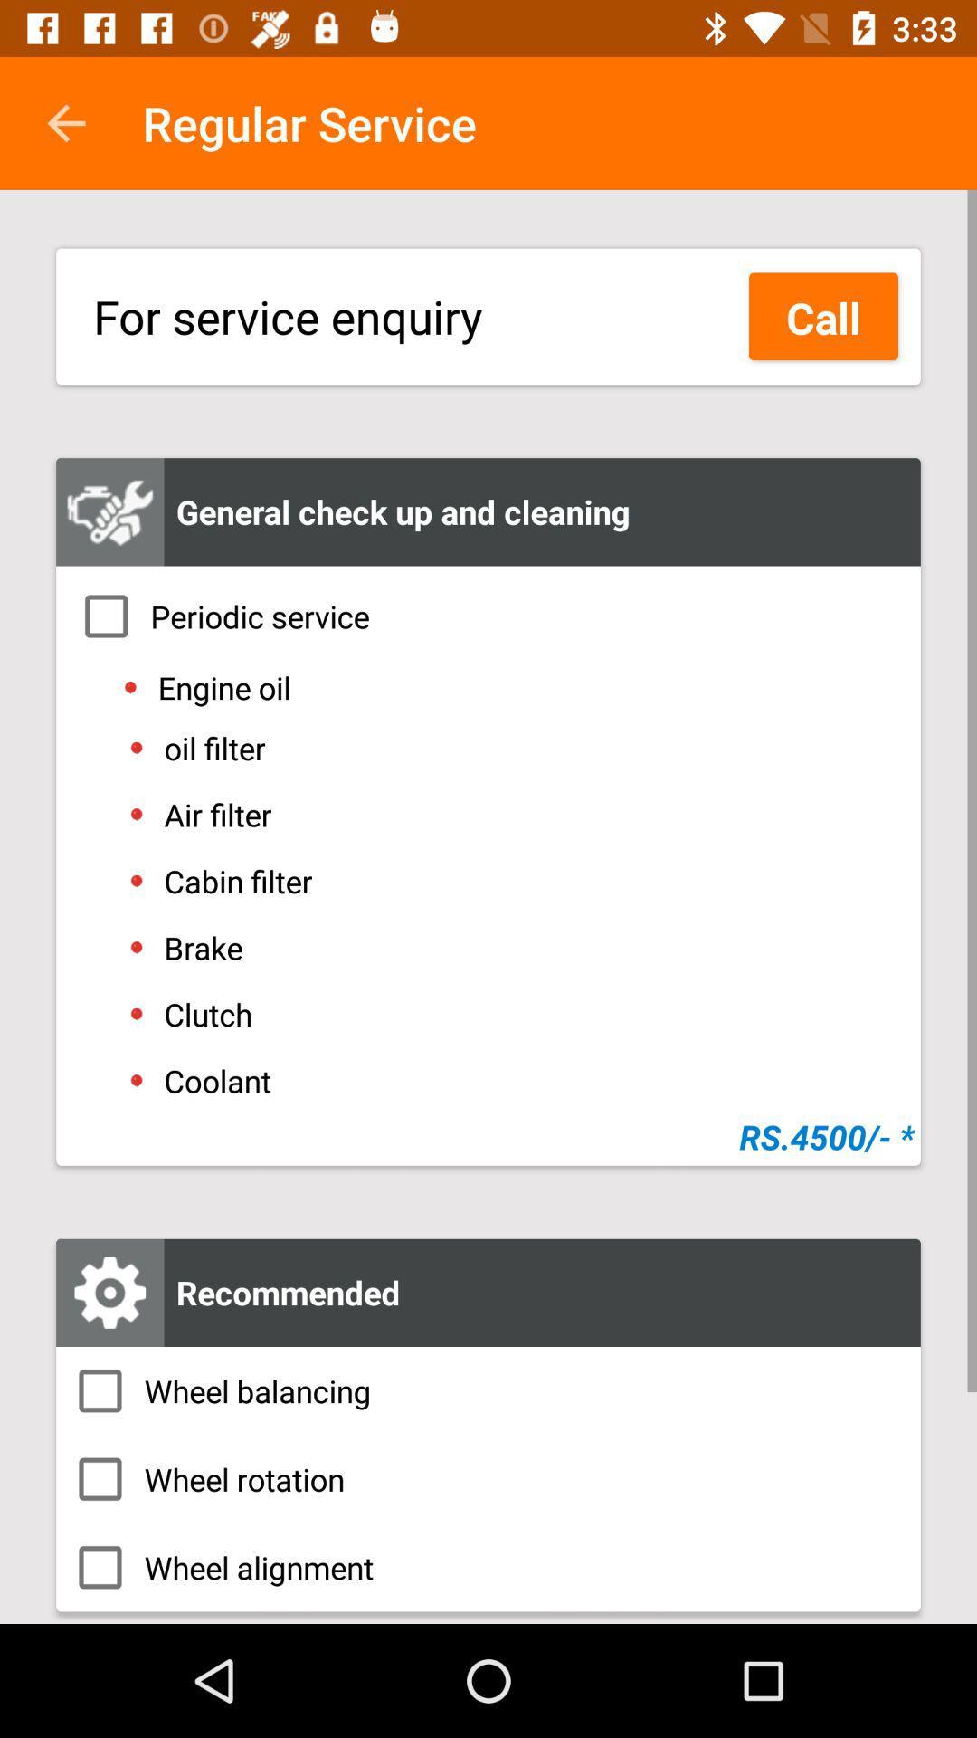 The image size is (977, 1738). I want to click on the item to the left of regular service icon, so click(65, 122).